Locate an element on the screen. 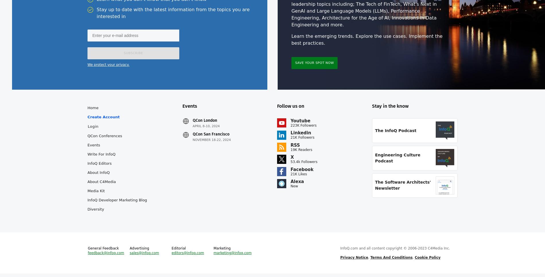 This screenshot has width=545, height=277. 'Stay in the know' is located at coordinates (390, 109).